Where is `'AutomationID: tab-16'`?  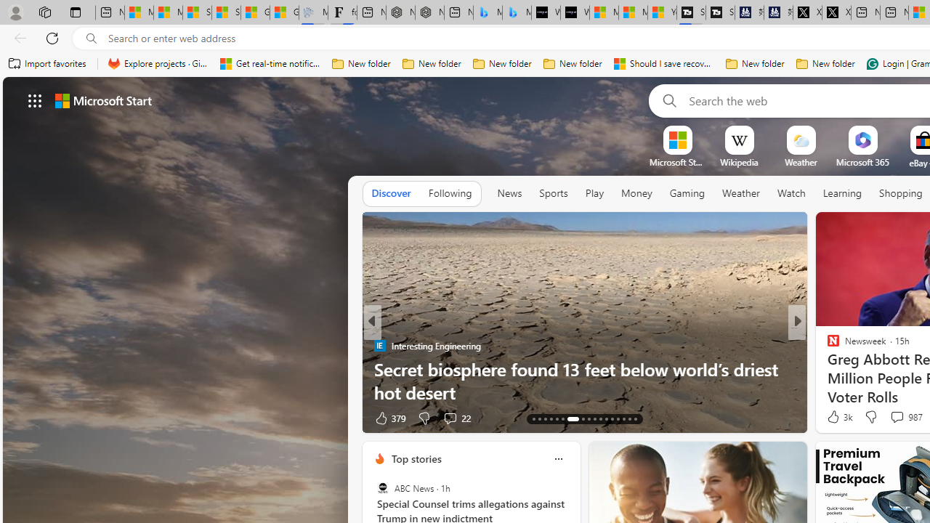 'AutomationID: tab-16' is located at coordinates (550, 419).